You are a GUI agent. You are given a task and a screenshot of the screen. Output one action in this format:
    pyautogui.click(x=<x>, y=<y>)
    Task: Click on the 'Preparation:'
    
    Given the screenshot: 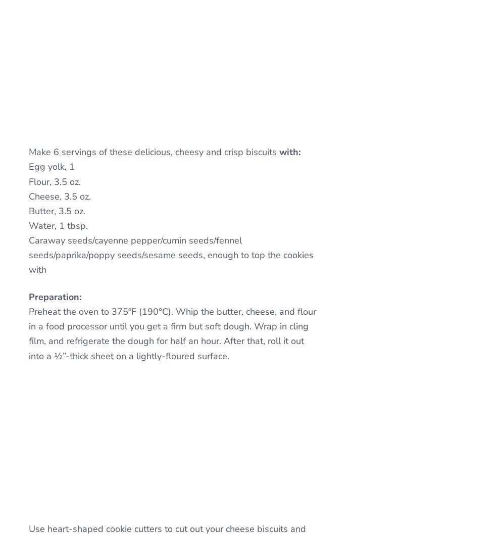 What is the action you would take?
    pyautogui.click(x=55, y=297)
    